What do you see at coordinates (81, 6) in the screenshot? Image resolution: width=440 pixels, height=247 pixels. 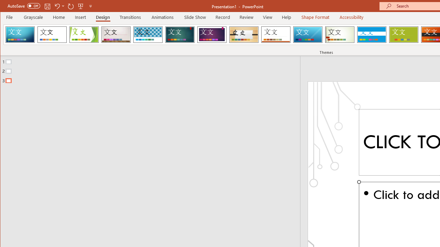 I see `'From Beginning'` at bounding box center [81, 6].